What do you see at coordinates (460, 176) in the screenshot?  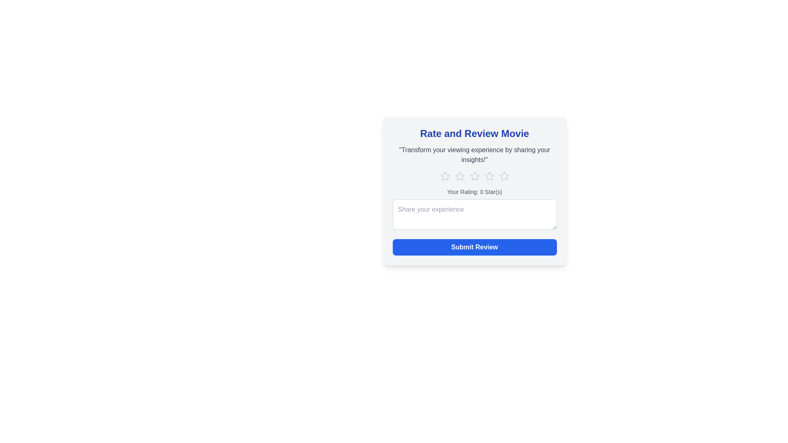 I see `the star corresponding to 2 to set the movie rating` at bounding box center [460, 176].